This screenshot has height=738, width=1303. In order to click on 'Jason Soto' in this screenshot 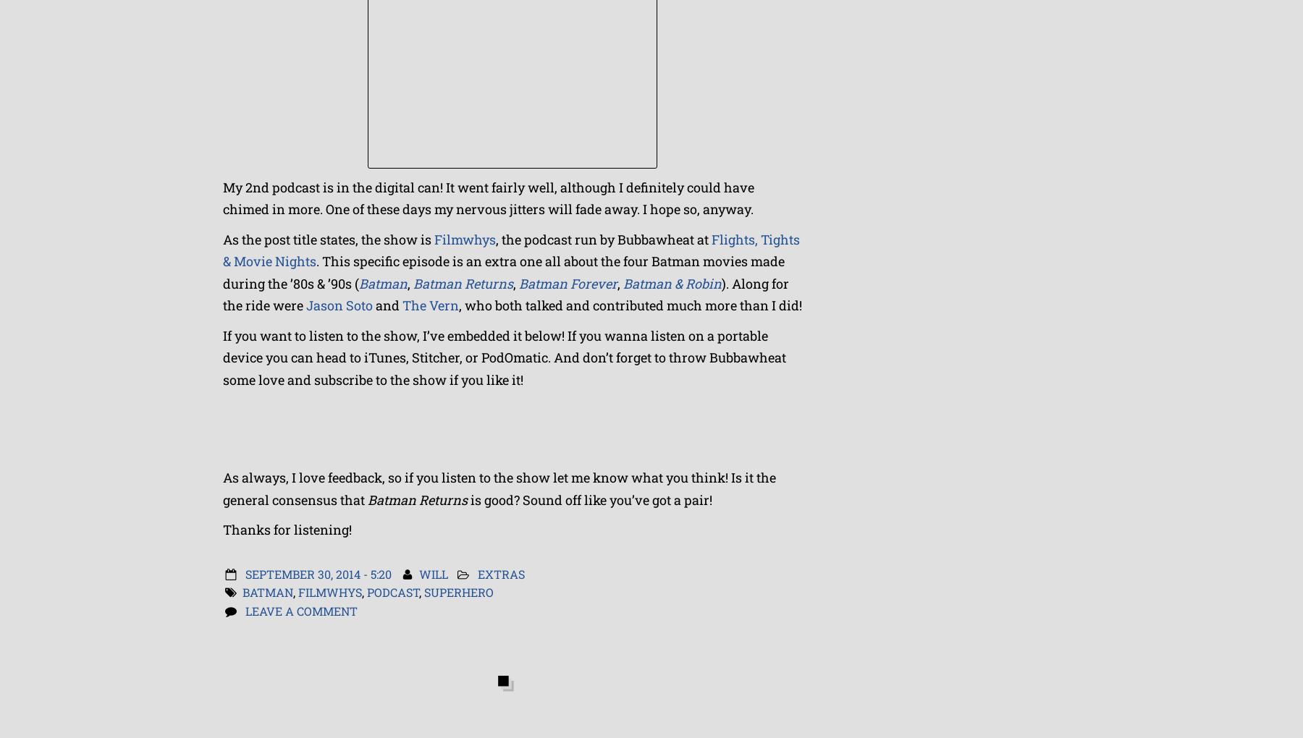, I will do `click(339, 305)`.